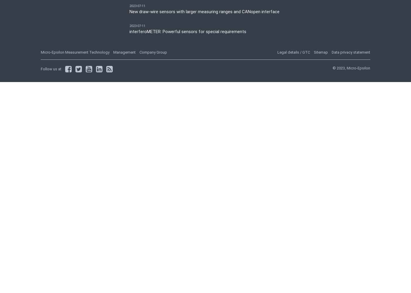  I want to click on 'Data privacy statement', so click(351, 52).